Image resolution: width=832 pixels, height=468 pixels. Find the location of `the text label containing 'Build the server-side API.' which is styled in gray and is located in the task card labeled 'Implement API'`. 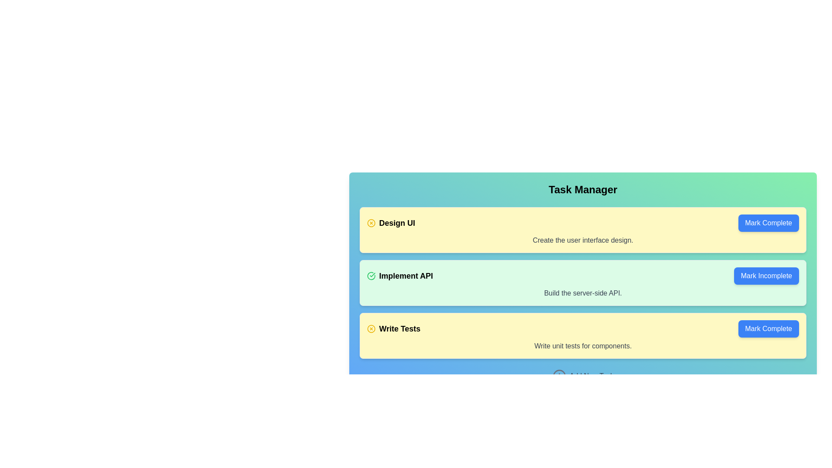

the text label containing 'Build the server-side API.' which is styled in gray and is located in the task card labeled 'Implement API' is located at coordinates (583, 293).